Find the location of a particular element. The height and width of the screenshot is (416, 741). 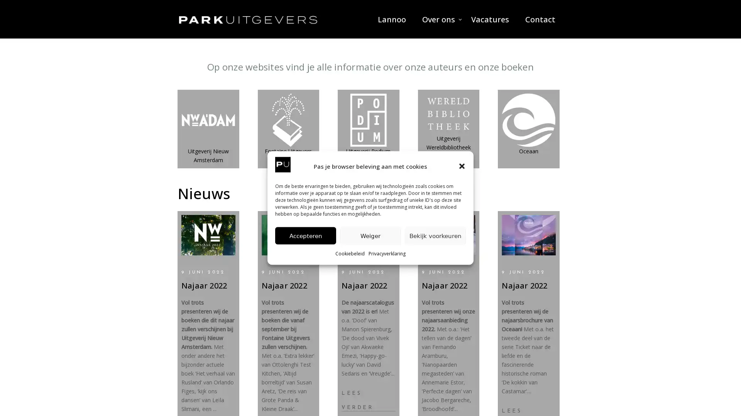

close-dialog is located at coordinates (462, 166).